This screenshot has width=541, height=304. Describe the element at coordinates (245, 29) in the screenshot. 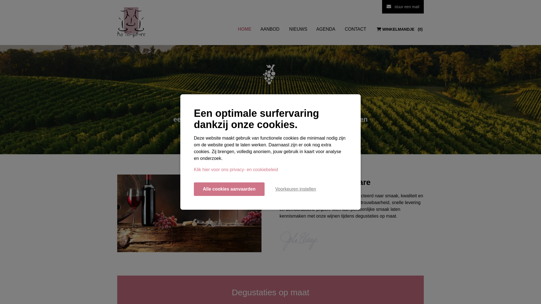

I see `'HOME'` at that location.